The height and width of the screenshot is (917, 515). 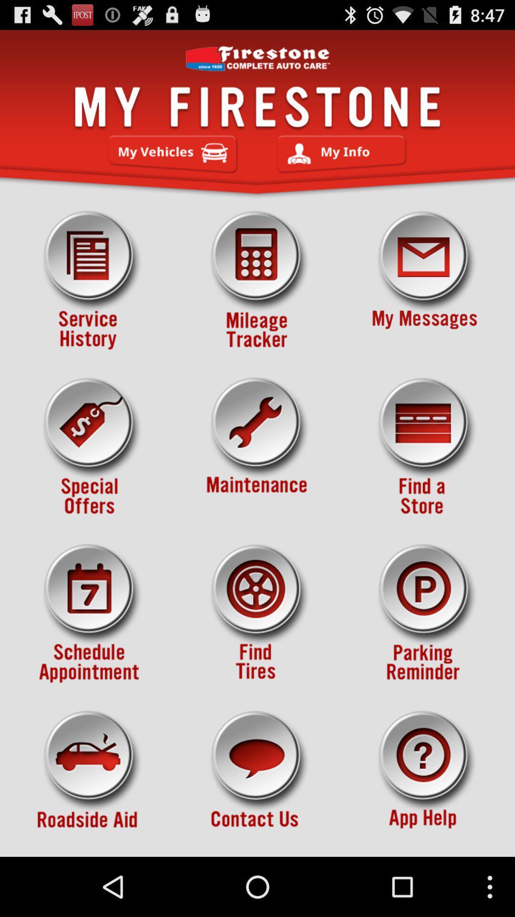 What do you see at coordinates (173, 154) in the screenshot?
I see `open my vehicles page` at bounding box center [173, 154].